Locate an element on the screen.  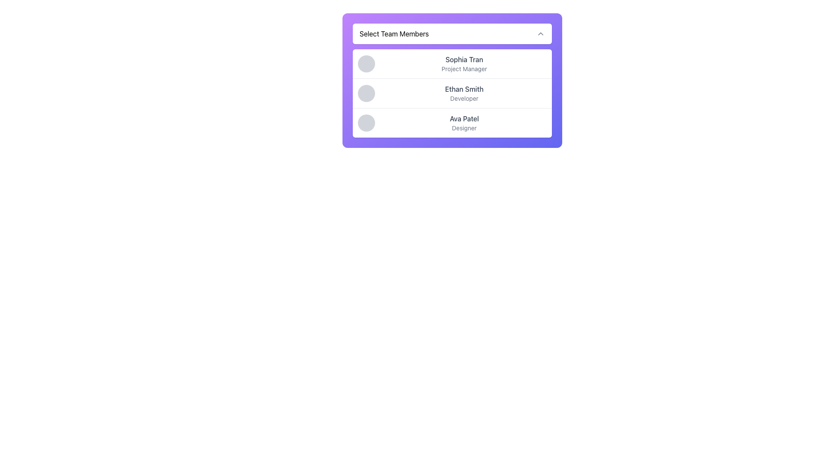
the third selectable list item displaying 'Ava Patel' with a circular gray profile icon to interact with it is located at coordinates (452, 123).